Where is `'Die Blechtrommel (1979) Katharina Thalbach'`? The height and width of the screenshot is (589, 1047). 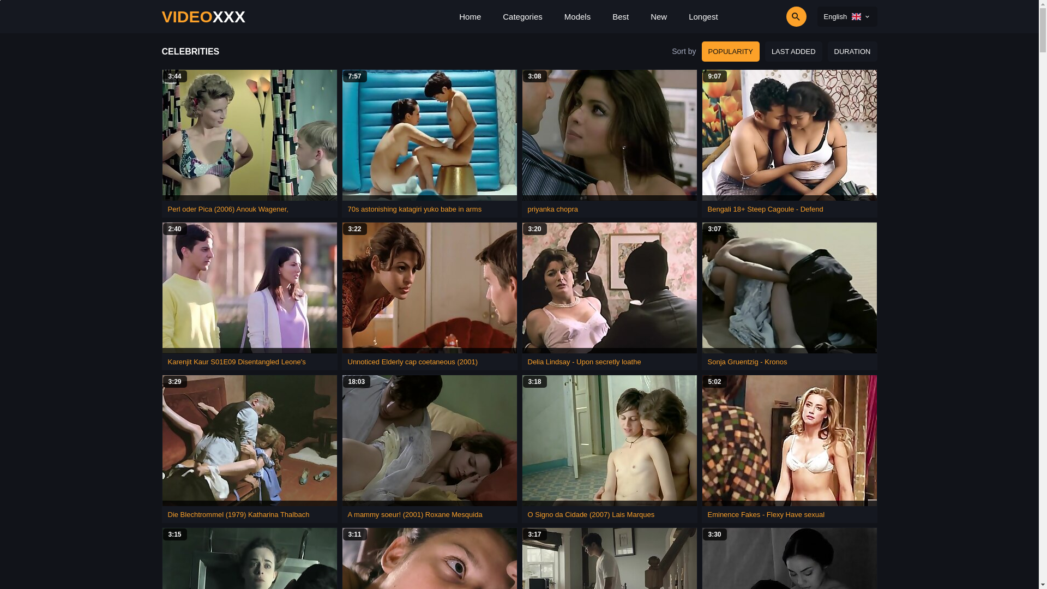 'Die Blechtrommel (1979) Katharina Thalbach' is located at coordinates (238, 514).